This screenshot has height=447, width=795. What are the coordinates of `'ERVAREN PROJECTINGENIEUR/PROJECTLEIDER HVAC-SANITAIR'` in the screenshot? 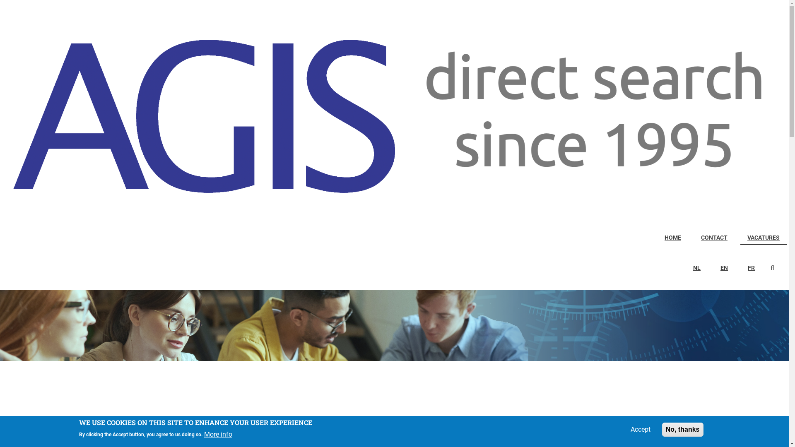 It's located at (183, 421).